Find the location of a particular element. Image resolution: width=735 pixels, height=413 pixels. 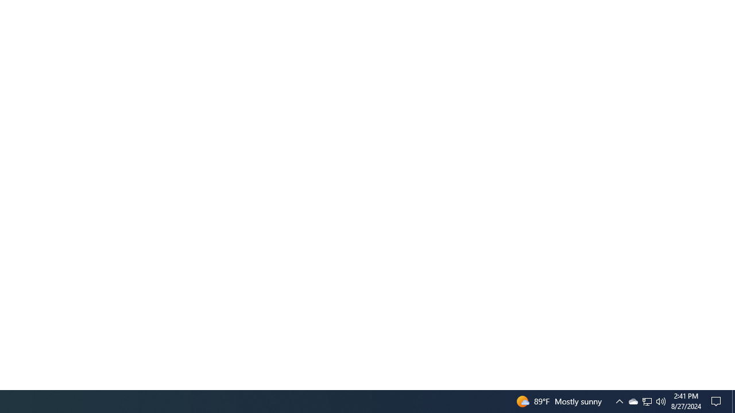

'Show desktop' is located at coordinates (733, 400).